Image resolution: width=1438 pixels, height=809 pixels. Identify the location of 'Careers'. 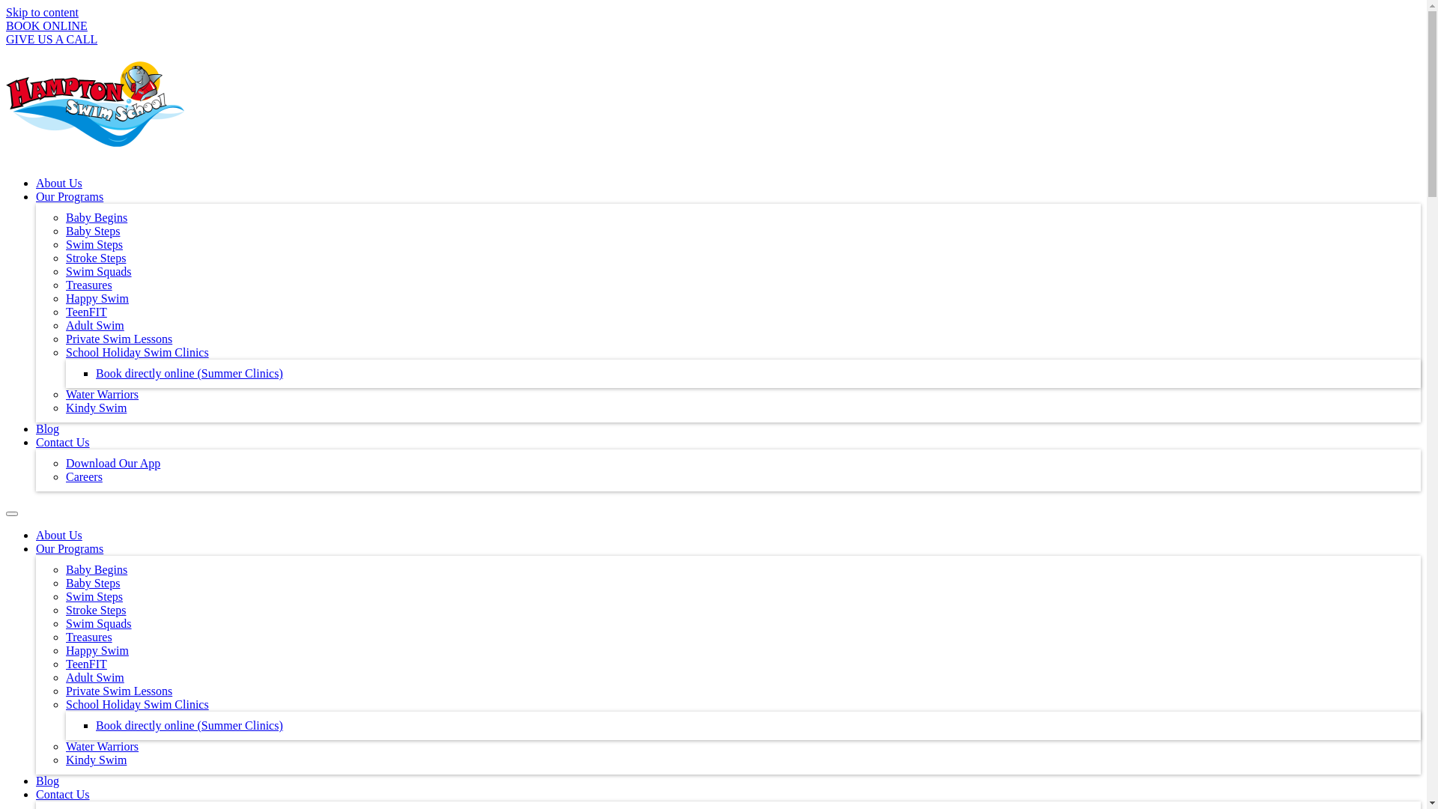
(64, 476).